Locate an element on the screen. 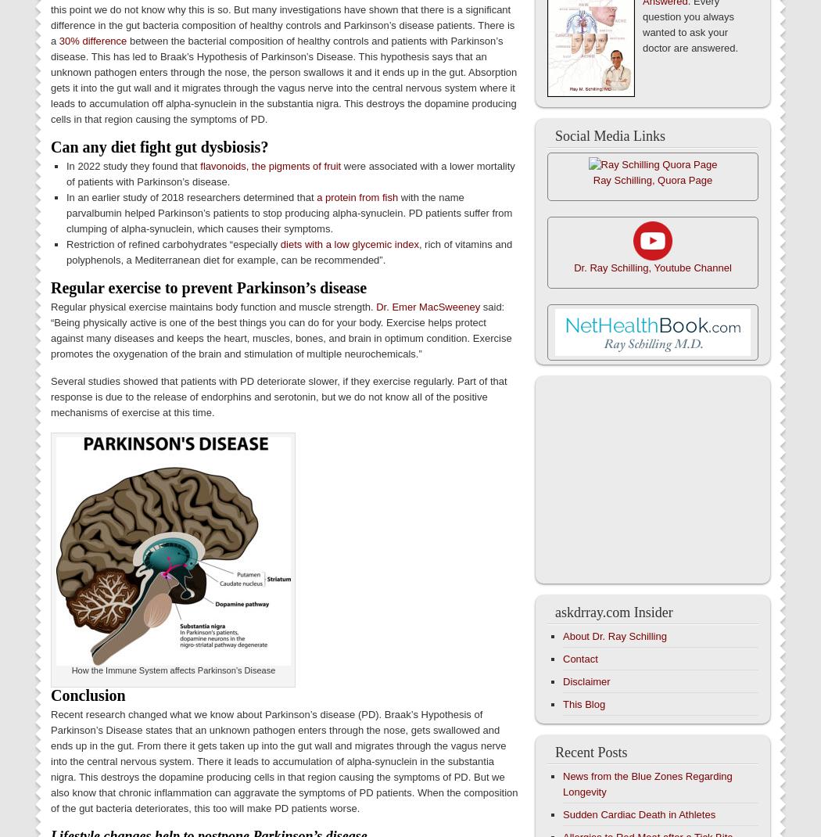 This screenshot has height=837, width=821. 'askdrray.com Insider' is located at coordinates (613, 612).